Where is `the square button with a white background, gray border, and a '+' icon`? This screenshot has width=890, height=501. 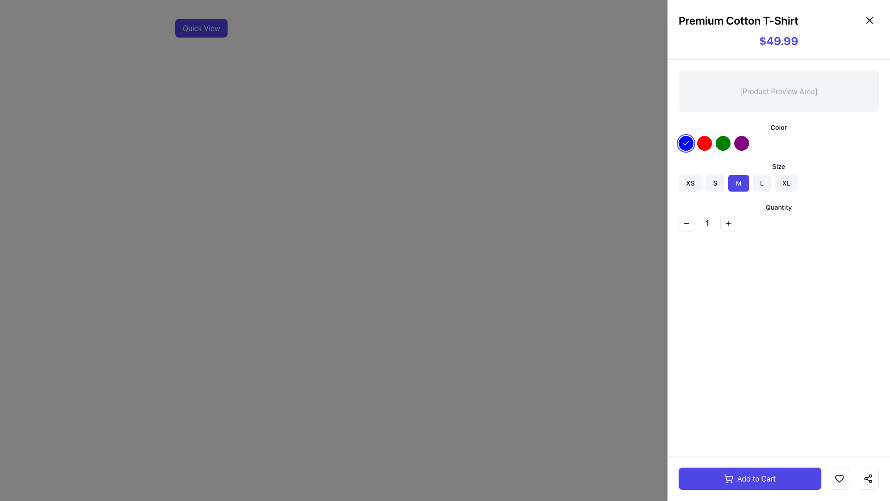 the square button with a white background, gray border, and a '+' icon is located at coordinates (727, 224).